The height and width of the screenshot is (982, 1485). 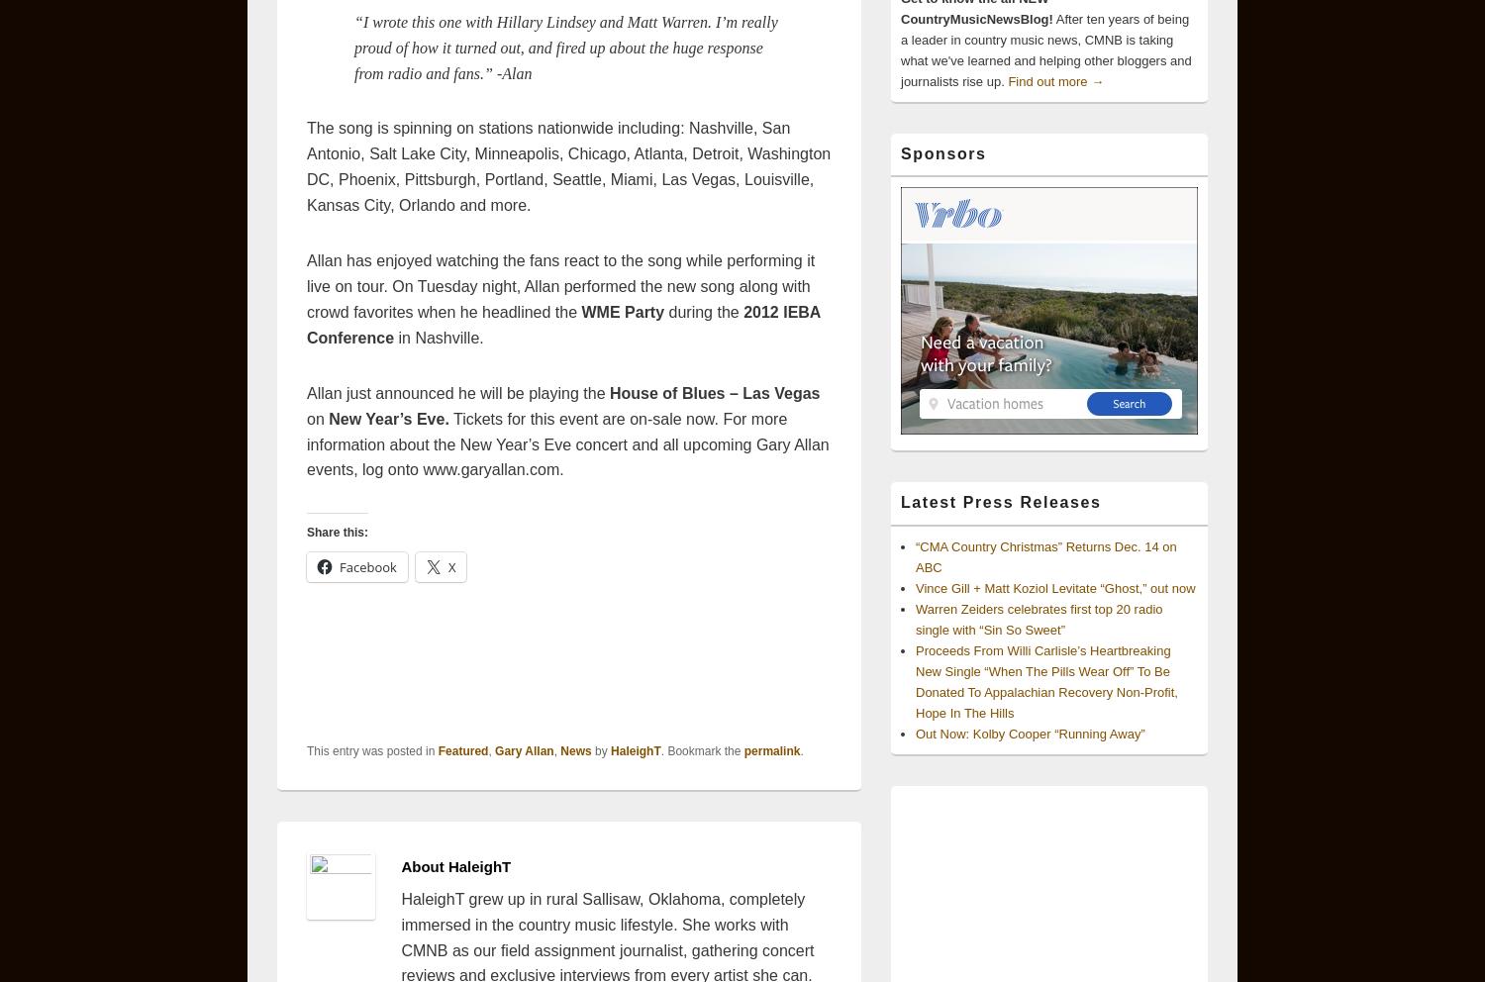 What do you see at coordinates (801, 748) in the screenshot?
I see `'.'` at bounding box center [801, 748].